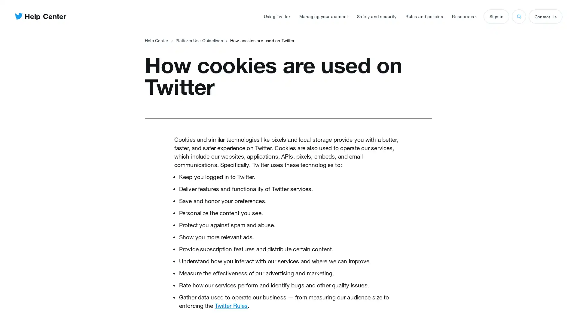 The image size is (577, 325). I want to click on Resources, so click(464, 16).